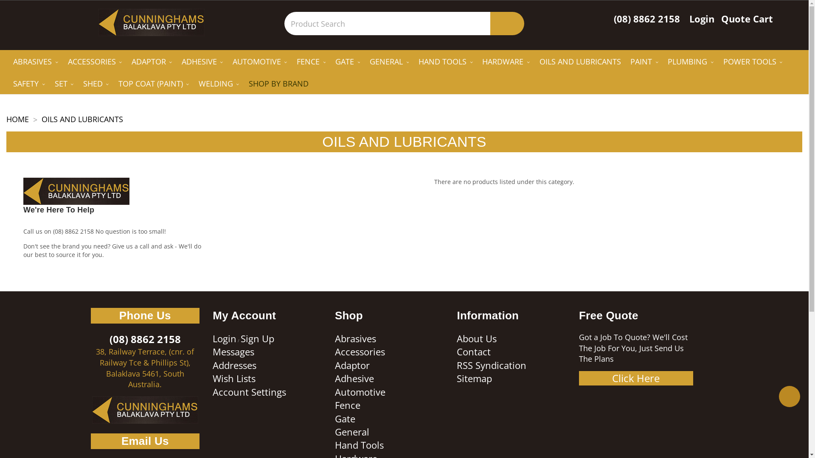 This screenshot has height=458, width=815. I want to click on 'Addresses', so click(234, 364).